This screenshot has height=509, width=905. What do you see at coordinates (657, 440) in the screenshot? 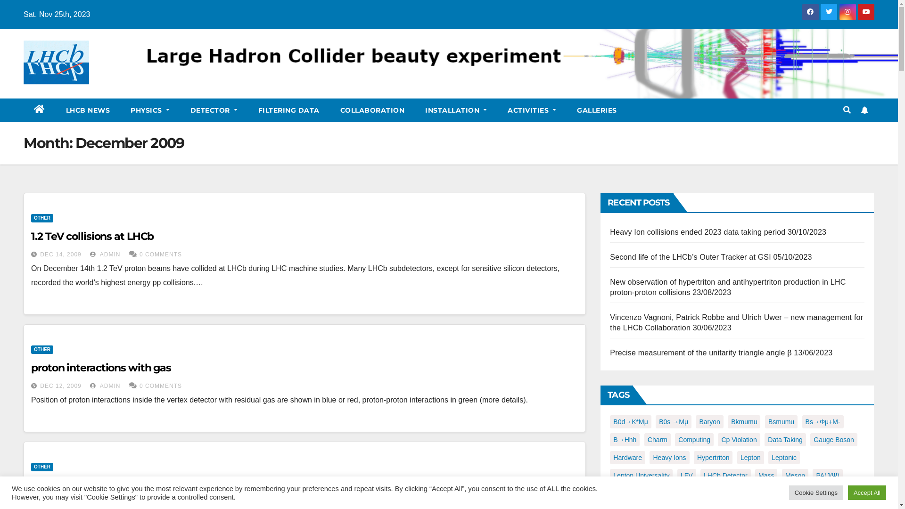
I see `'Charm'` at bounding box center [657, 440].